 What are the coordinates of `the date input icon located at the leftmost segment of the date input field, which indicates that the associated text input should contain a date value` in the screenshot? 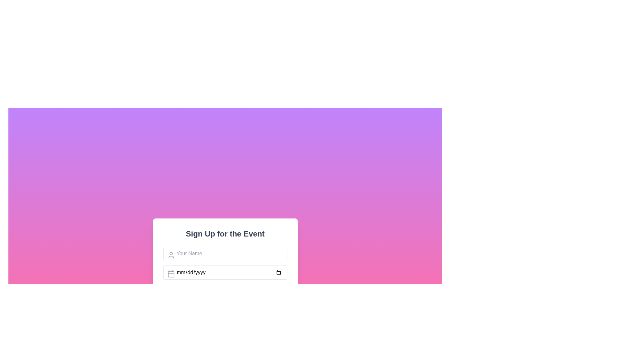 It's located at (171, 274).